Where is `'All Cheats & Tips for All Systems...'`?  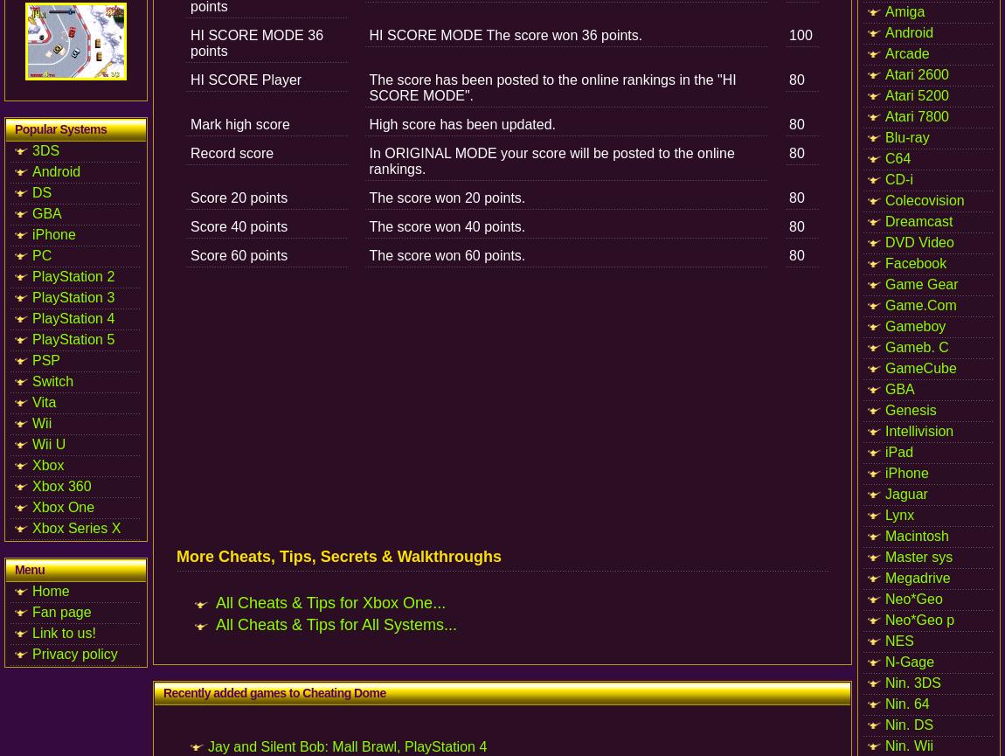
'All Cheats & Tips for All Systems...' is located at coordinates (336, 625).